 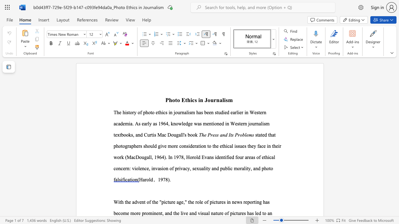 What do you see at coordinates (159, 168) in the screenshot?
I see `the 4th character "a" in the text` at bounding box center [159, 168].